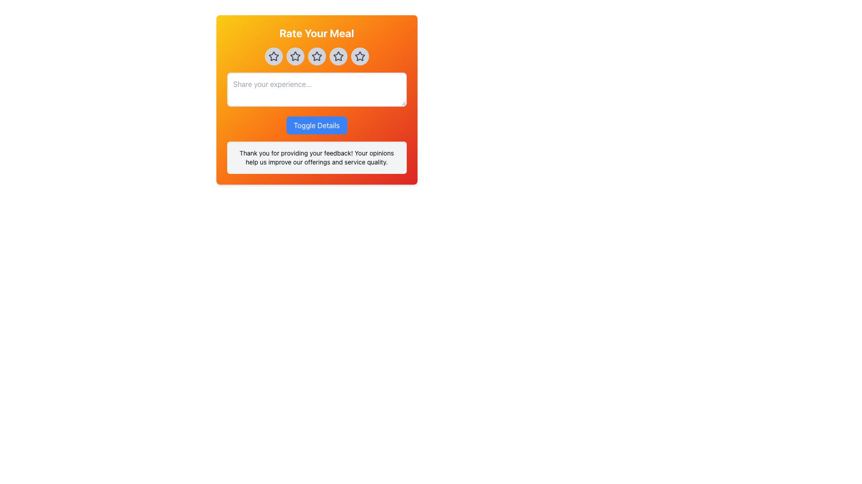 The width and height of the screenshot is (862, 484). I want to click on the fourth star button in the horizontal sequence of five identical buttons, so click(338, 56).